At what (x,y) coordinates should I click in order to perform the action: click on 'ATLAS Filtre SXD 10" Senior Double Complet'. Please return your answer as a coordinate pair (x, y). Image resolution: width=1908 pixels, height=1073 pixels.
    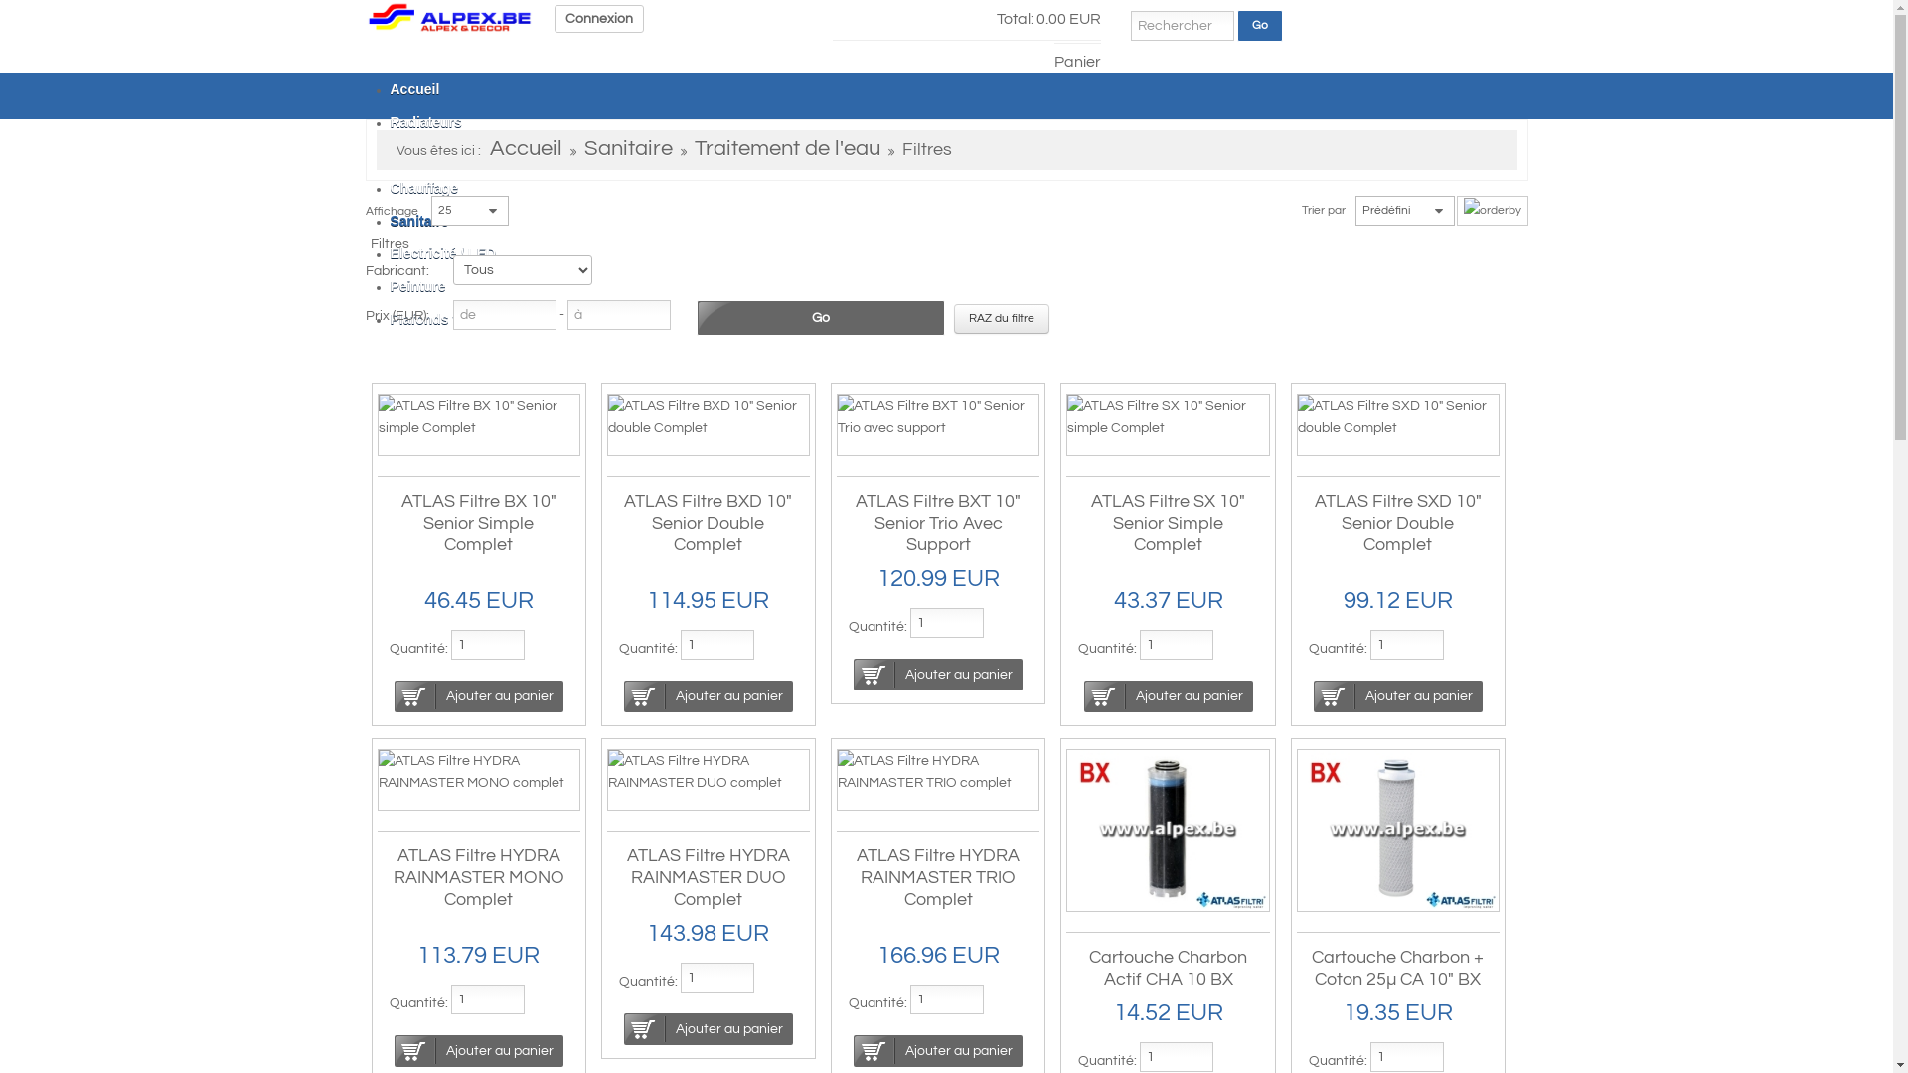
    Looking at the image, I should click on (1396, 522).